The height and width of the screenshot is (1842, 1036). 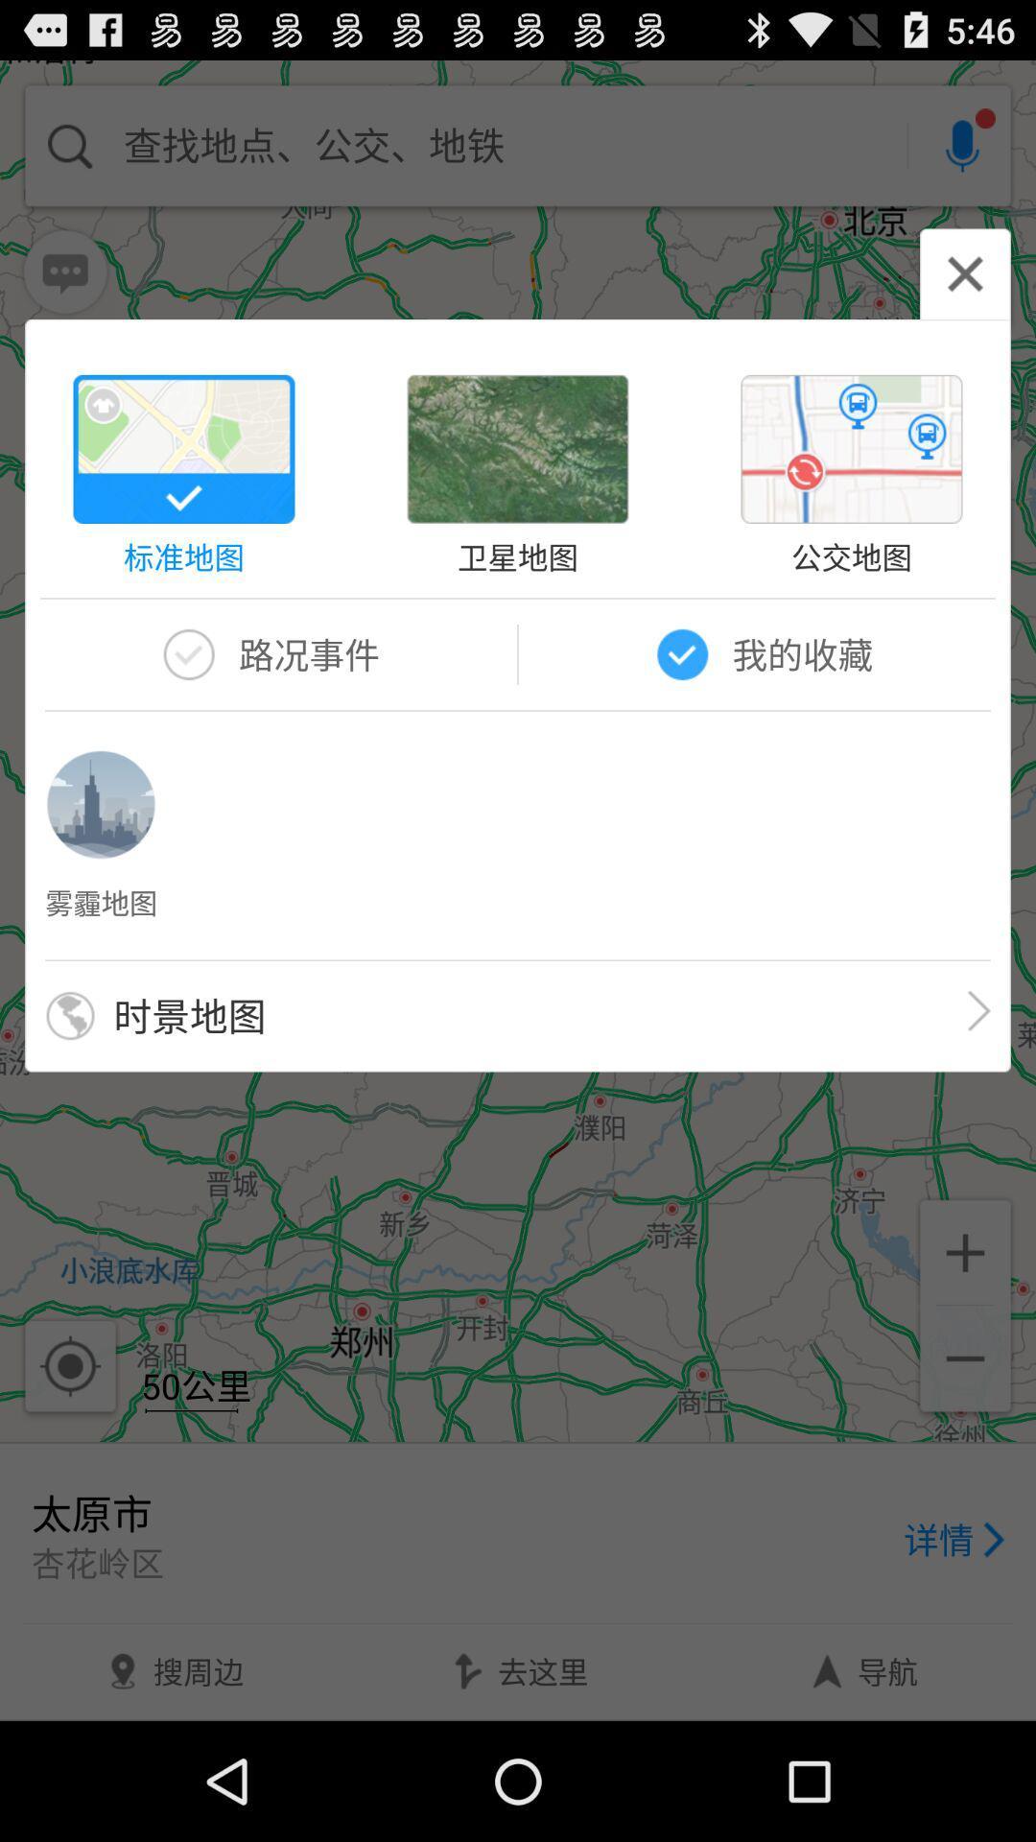 What do you see at coordinates (965, 292) in the screenshot?
I see `the close icon` at bounding box center [965, 292].